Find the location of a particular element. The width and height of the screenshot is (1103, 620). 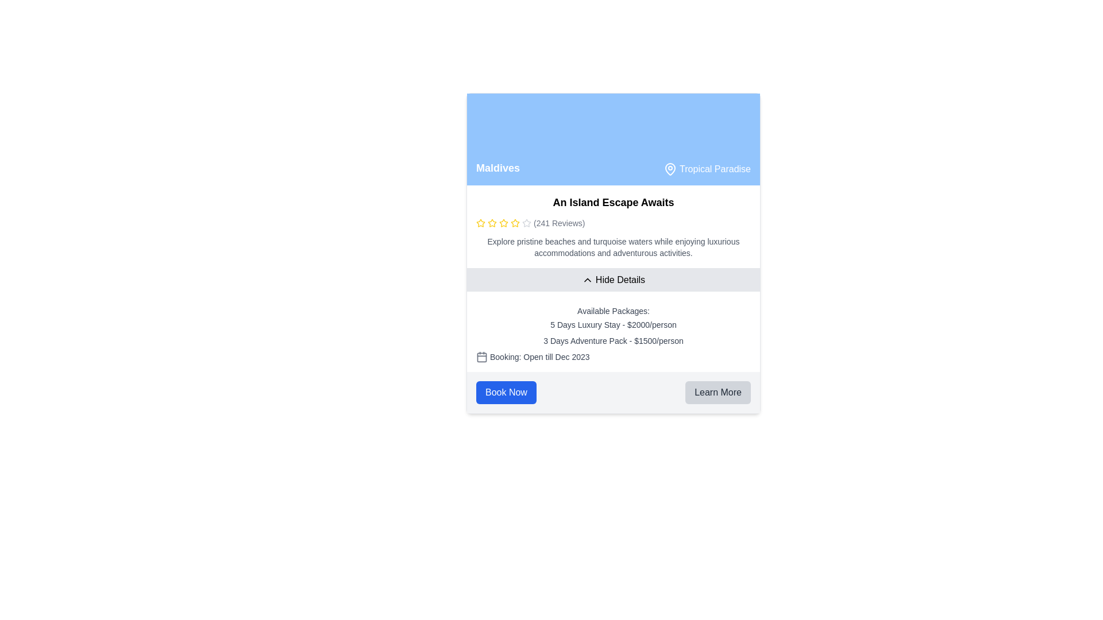

the sixth star icon, which is styled in a grey tint and located just before the '(241 Reviews)' text is located at coordinates (526, 223).